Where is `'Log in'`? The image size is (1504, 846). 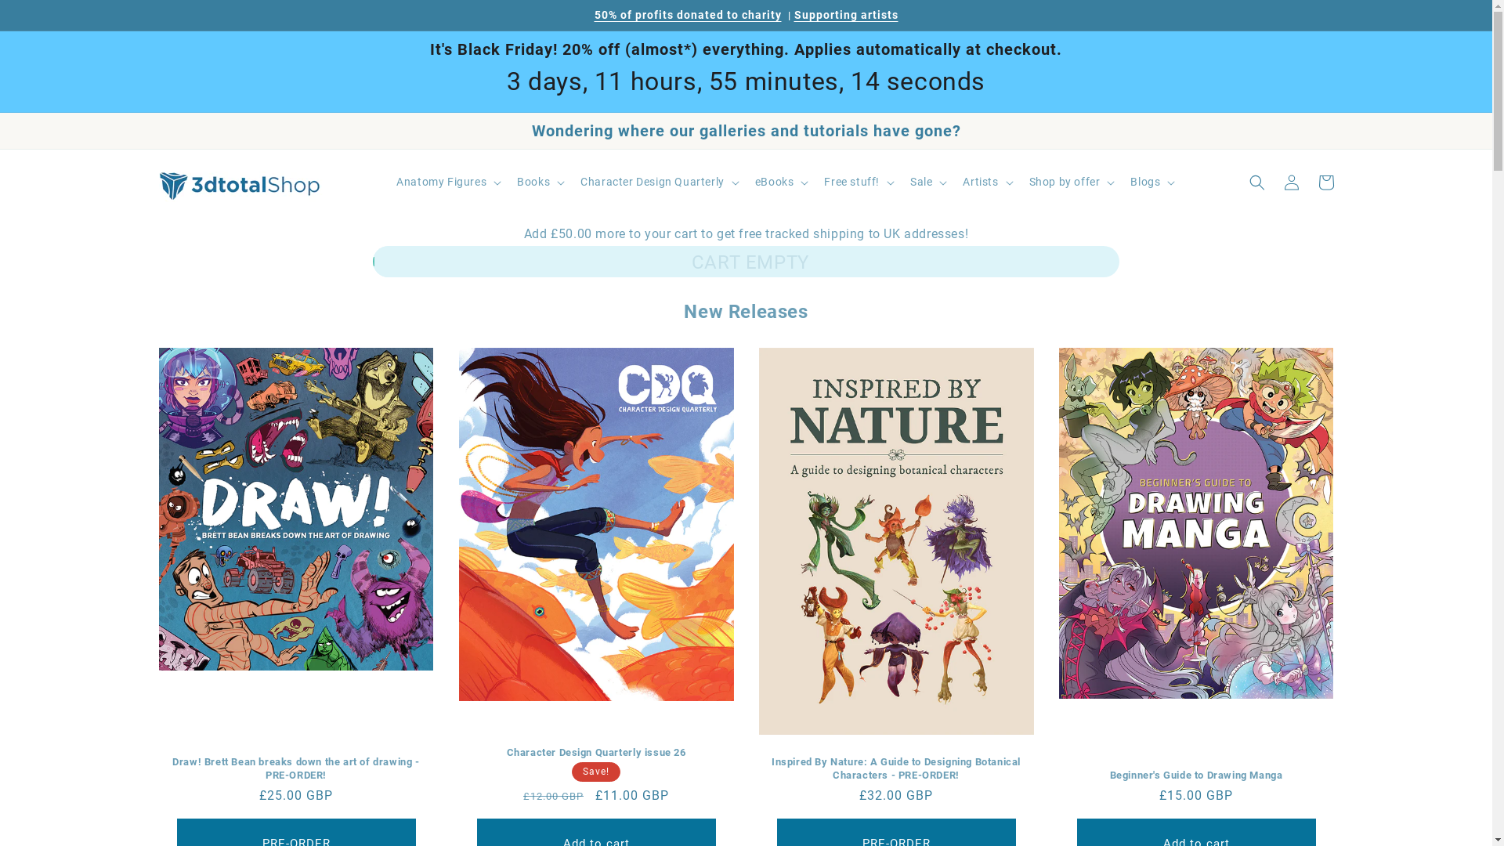 'Log in' is located at coordinates (1290, 181).